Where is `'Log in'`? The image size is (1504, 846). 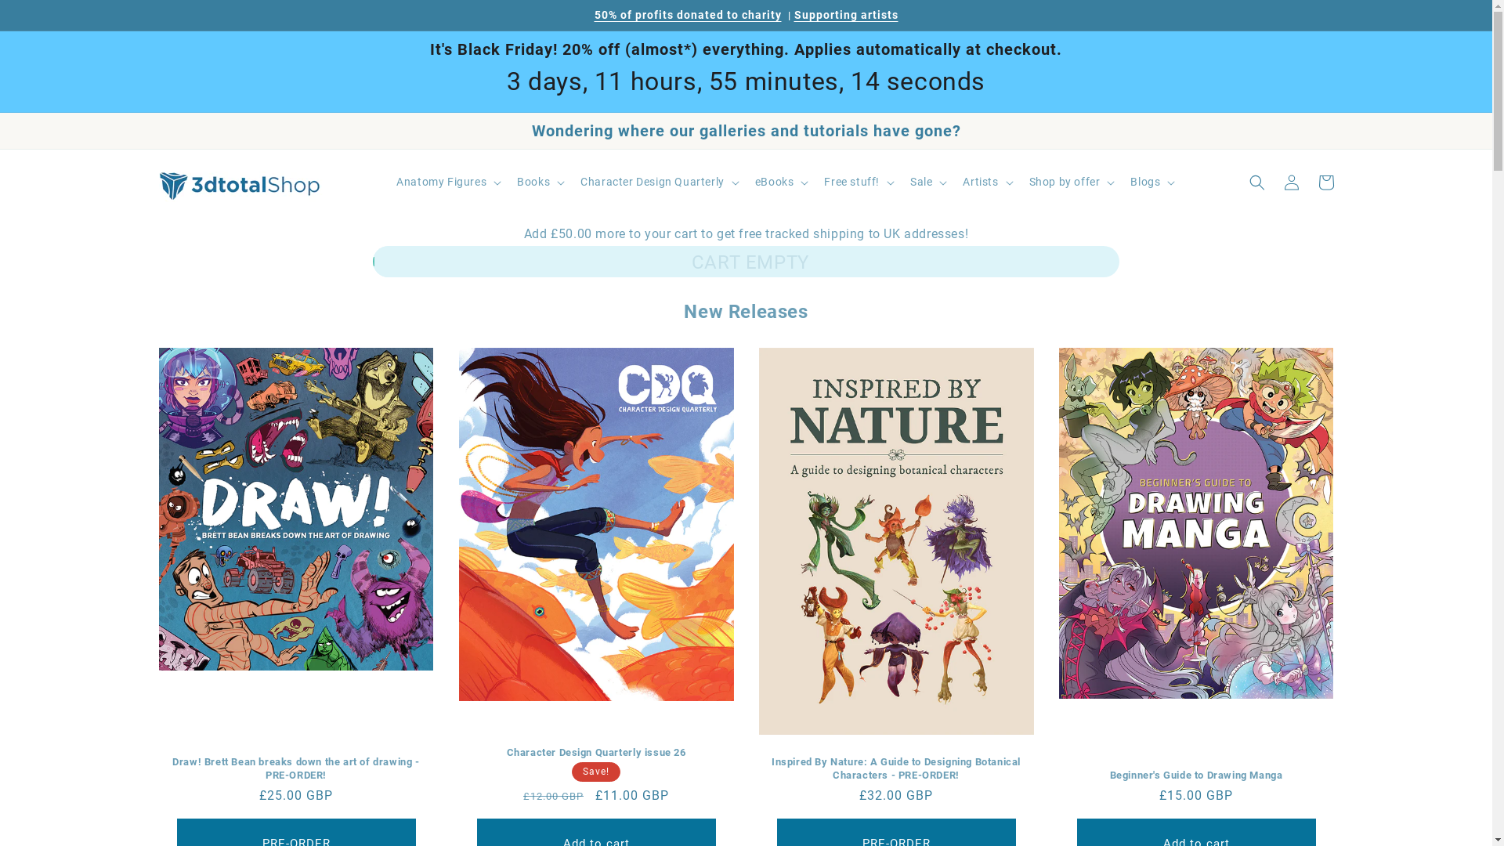 'Log in' is located at coordinates (1290, 181).